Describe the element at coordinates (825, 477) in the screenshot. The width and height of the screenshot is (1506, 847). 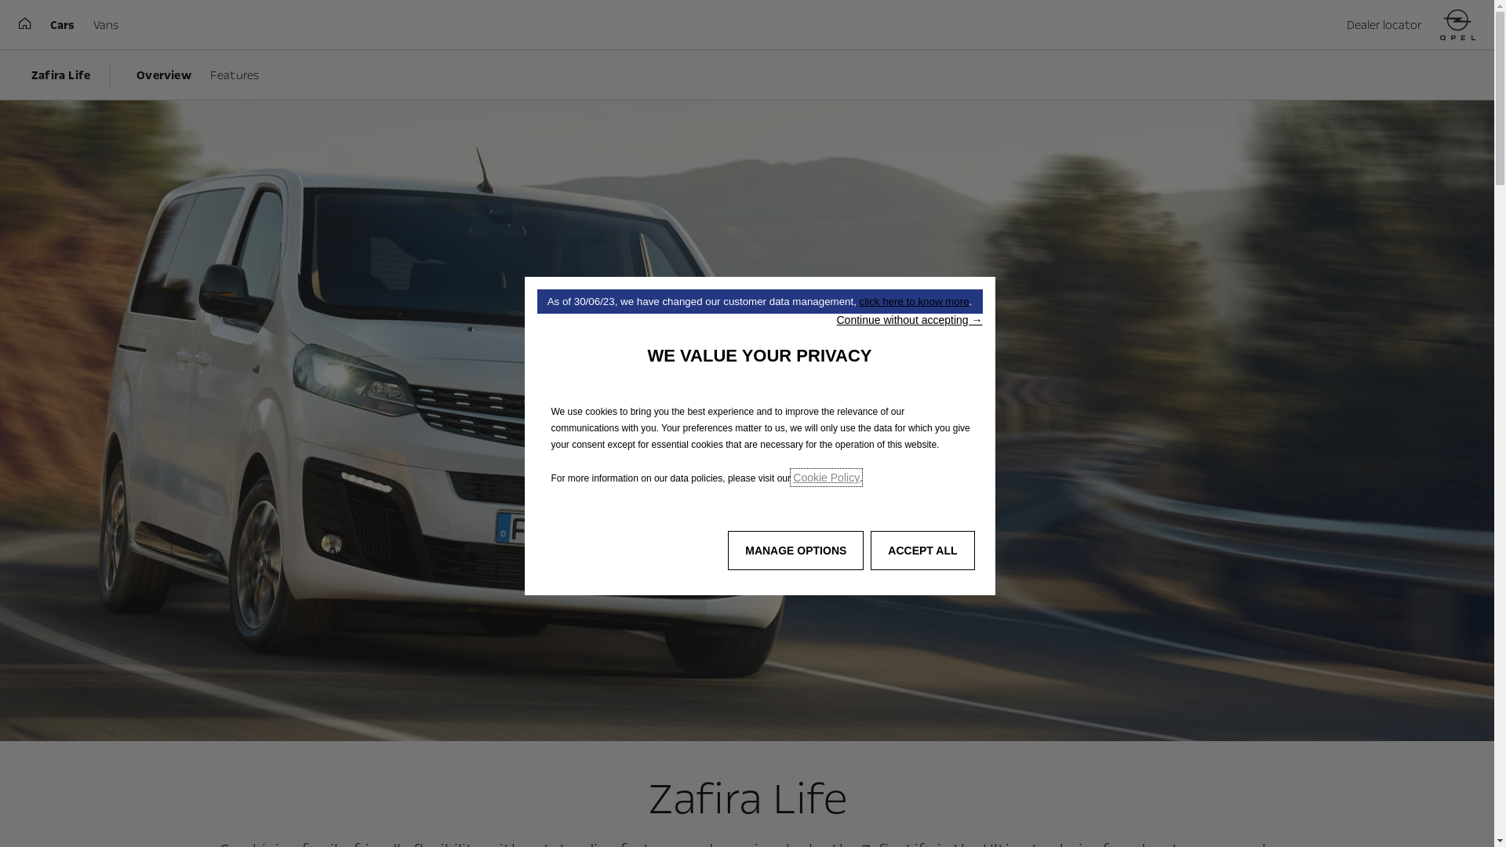
I see `'Cookie Policy'` at that location.